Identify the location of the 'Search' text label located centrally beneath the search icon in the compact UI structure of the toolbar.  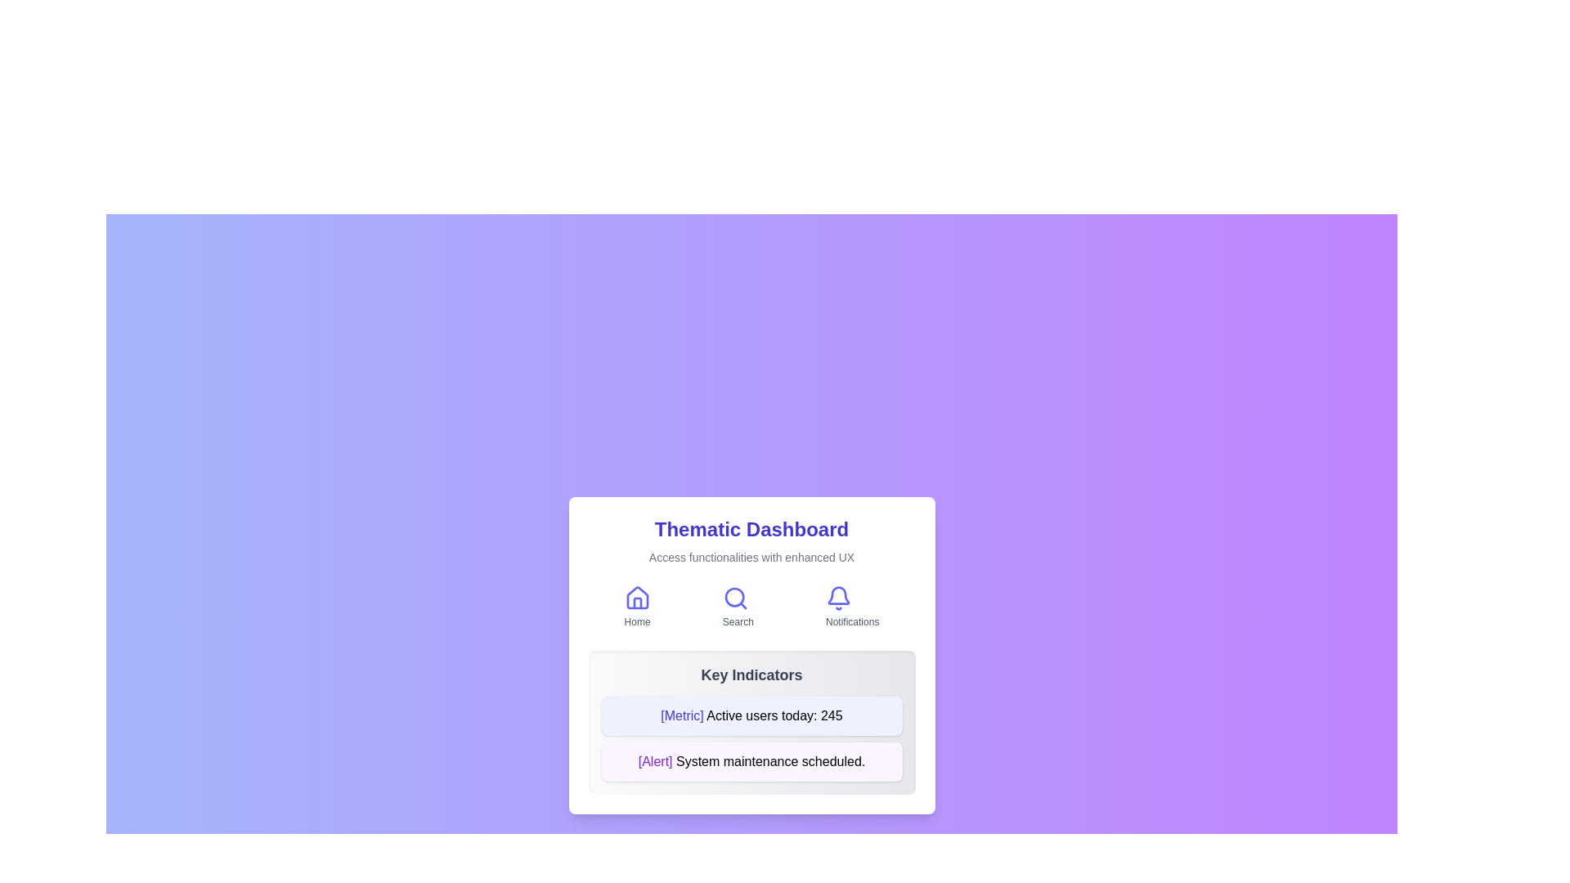
(737, 621).